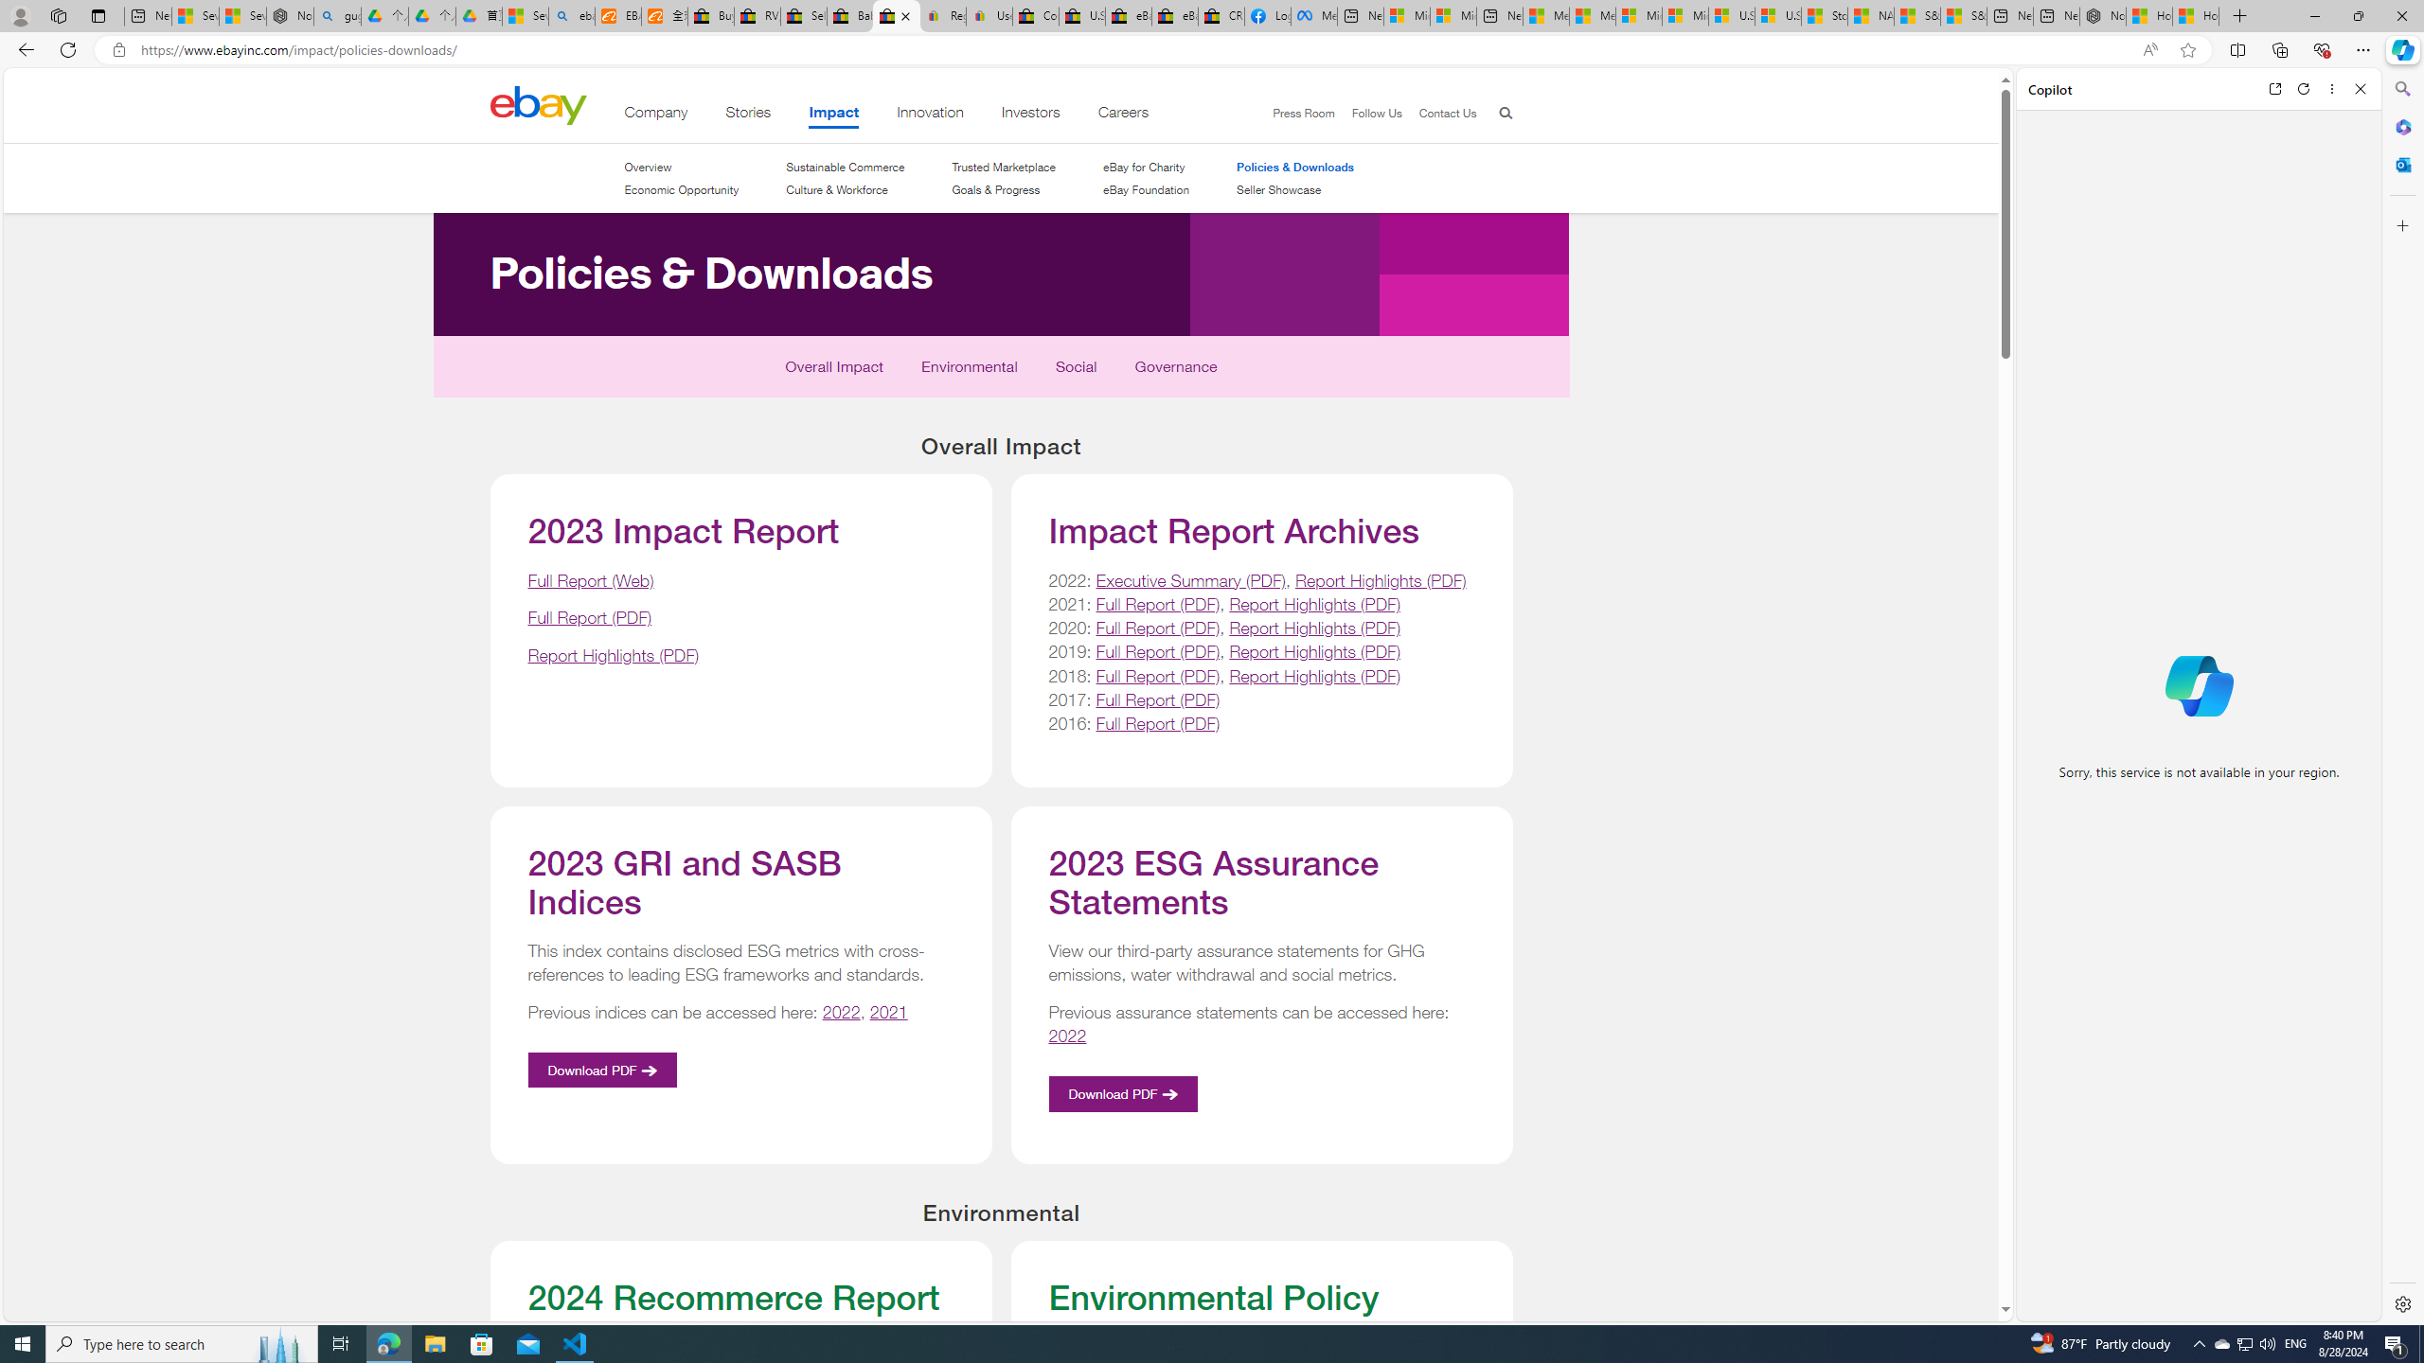 This screenshot has height=1363, width=2424. Describe the element at coordinates (833, 115) in the screenshot. I see `'Impact'` at that location.